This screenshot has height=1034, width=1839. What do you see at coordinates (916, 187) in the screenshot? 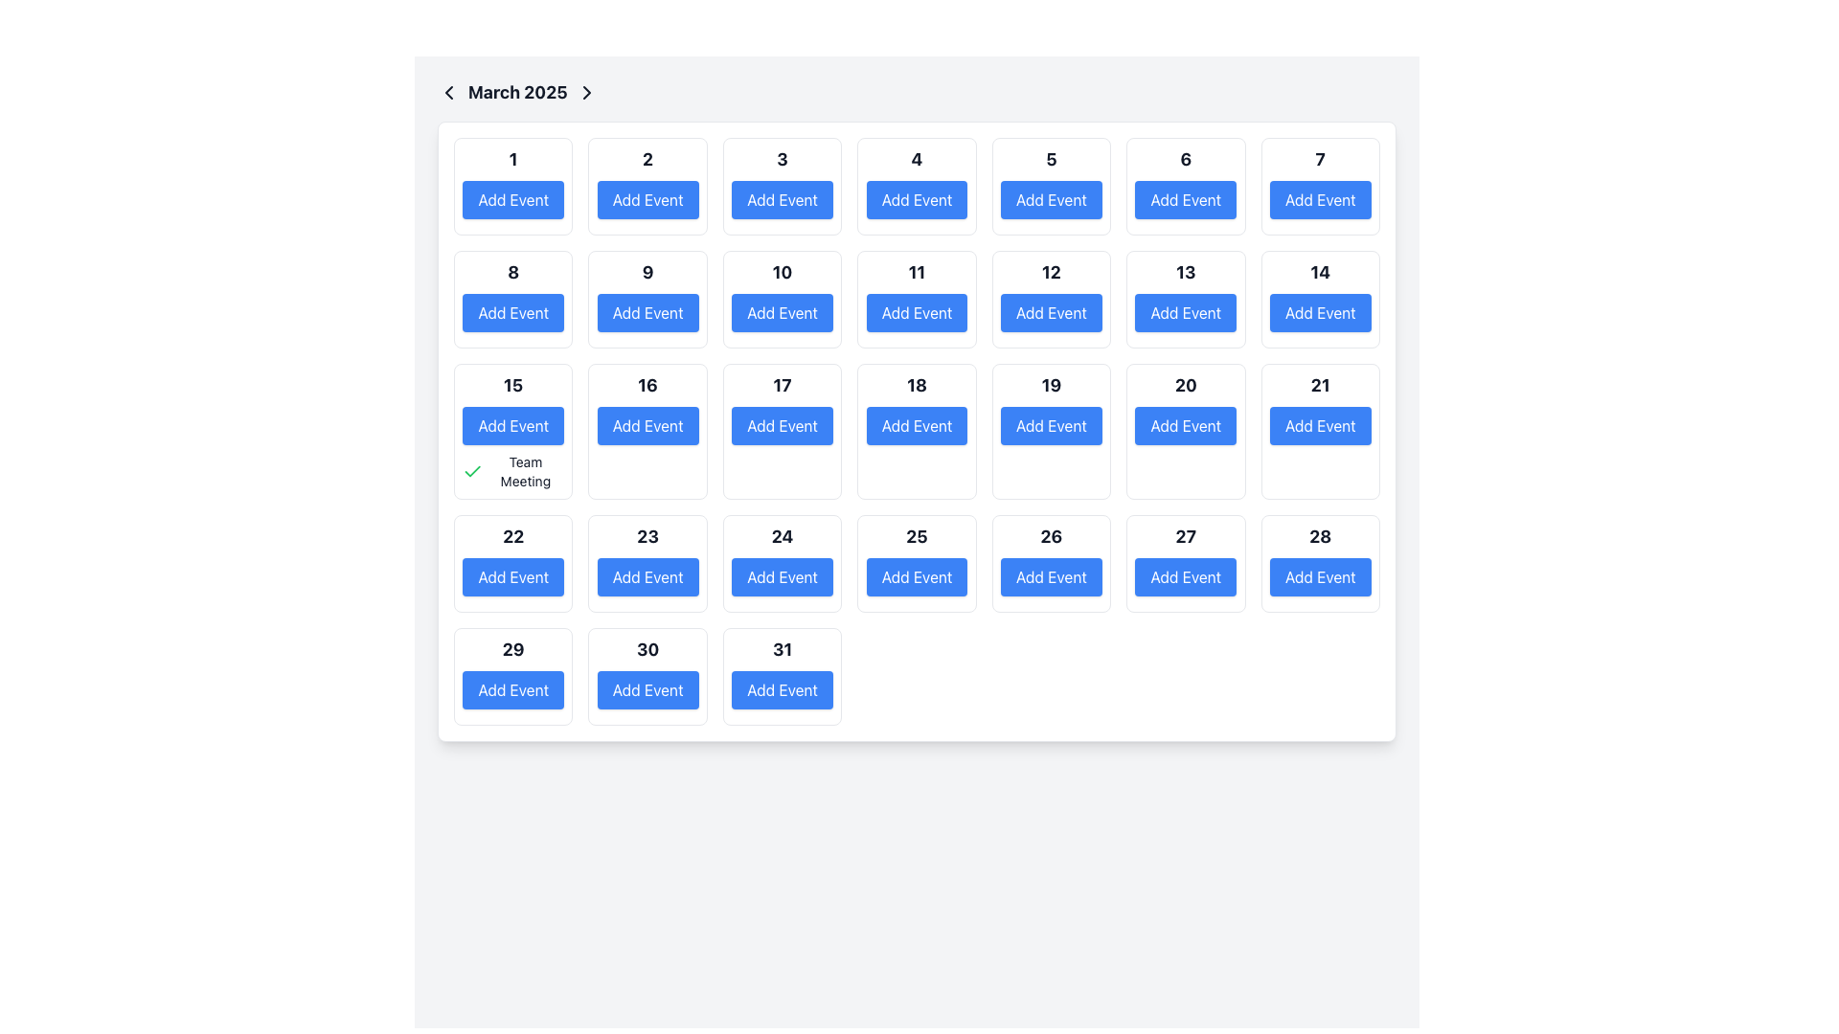
I see `the 'Add Event' button associated with the numeric day '4' in the March 2025 calendar for accessibility actions` at bounding box center [916, 187].